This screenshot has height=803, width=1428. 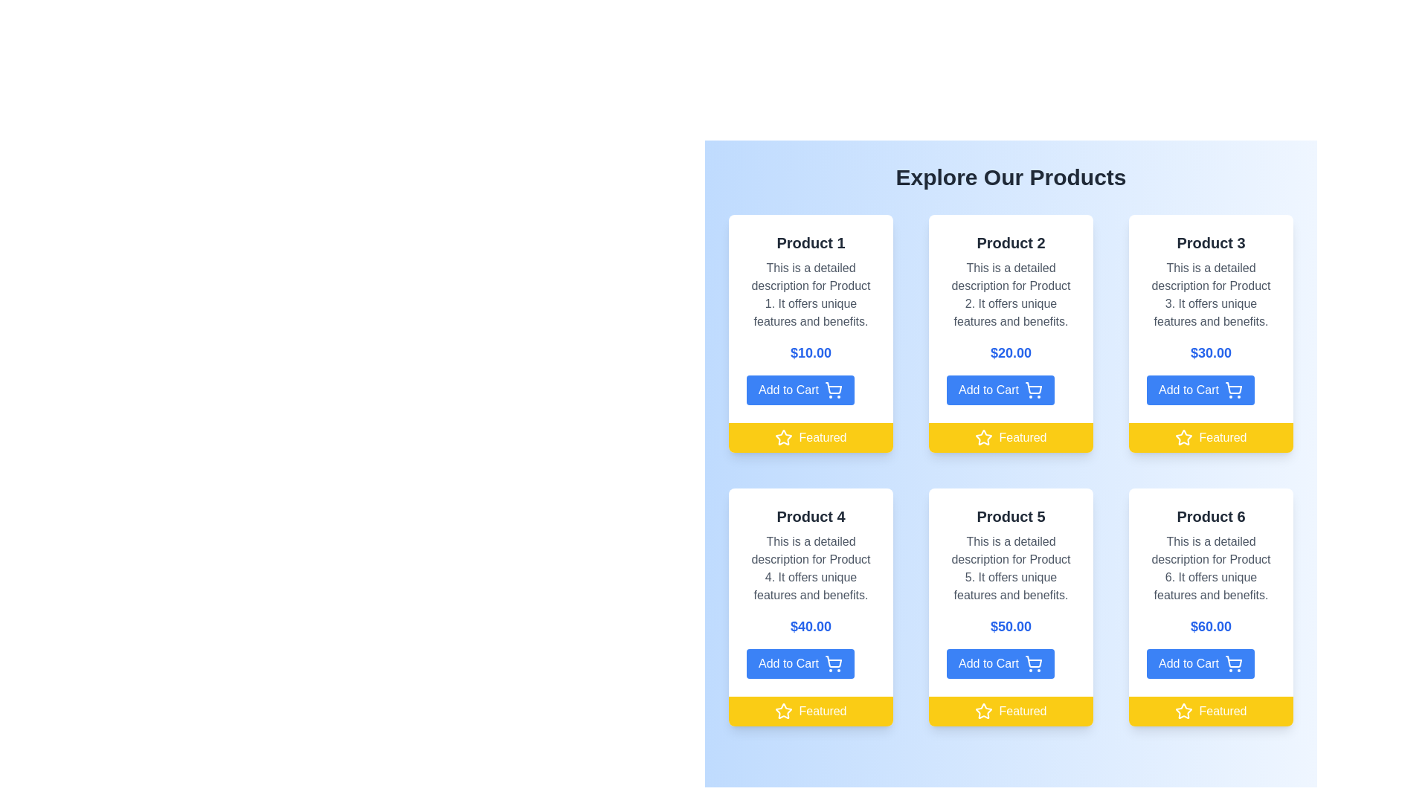 What do you see at coordinates (833, 663) in the screenshot?
I see `the shopping cart icon located to the right of the 'Add to Cart' button for 'Product 4' in the second row, first column of the product grid` at bounding box center [833, 663].